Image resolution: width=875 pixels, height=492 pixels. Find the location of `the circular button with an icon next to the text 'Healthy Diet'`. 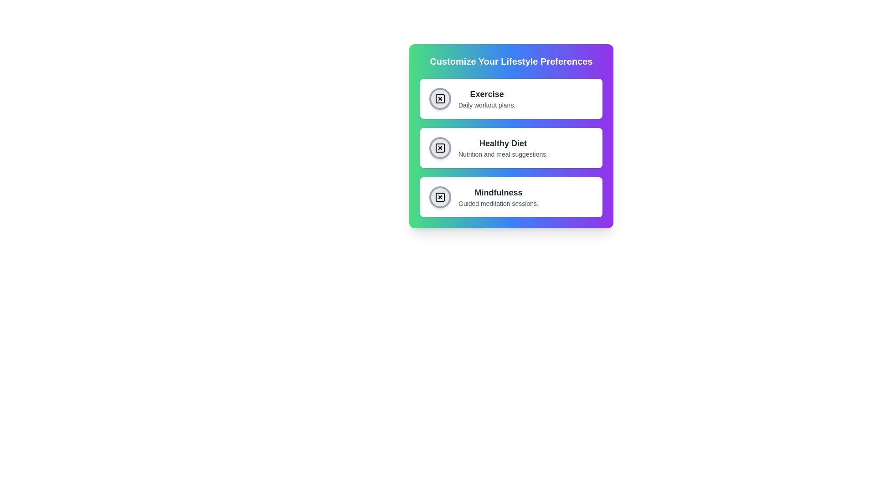

the circular button with an icon next to the text 'Healthy Diet' is located at coordinates (440, 147).